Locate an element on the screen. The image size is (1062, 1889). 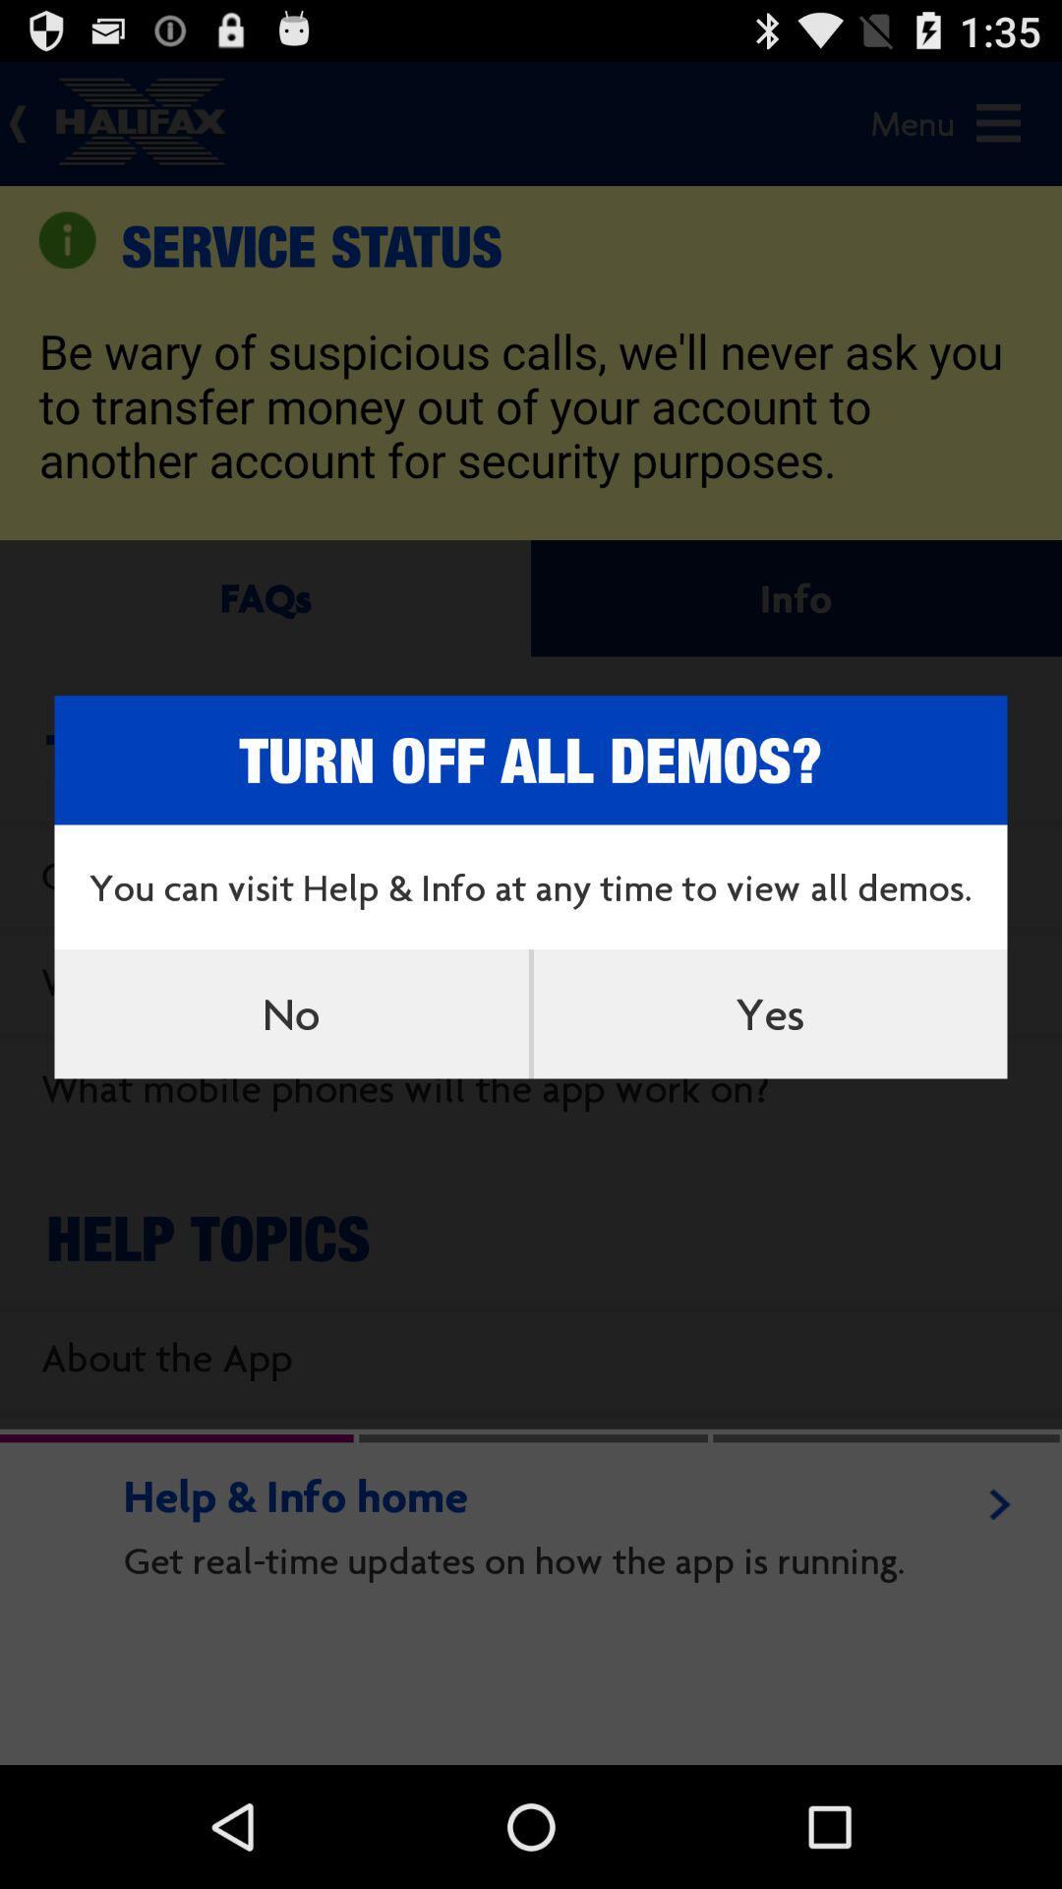
item on the right is located at coordinates (769, 1013).